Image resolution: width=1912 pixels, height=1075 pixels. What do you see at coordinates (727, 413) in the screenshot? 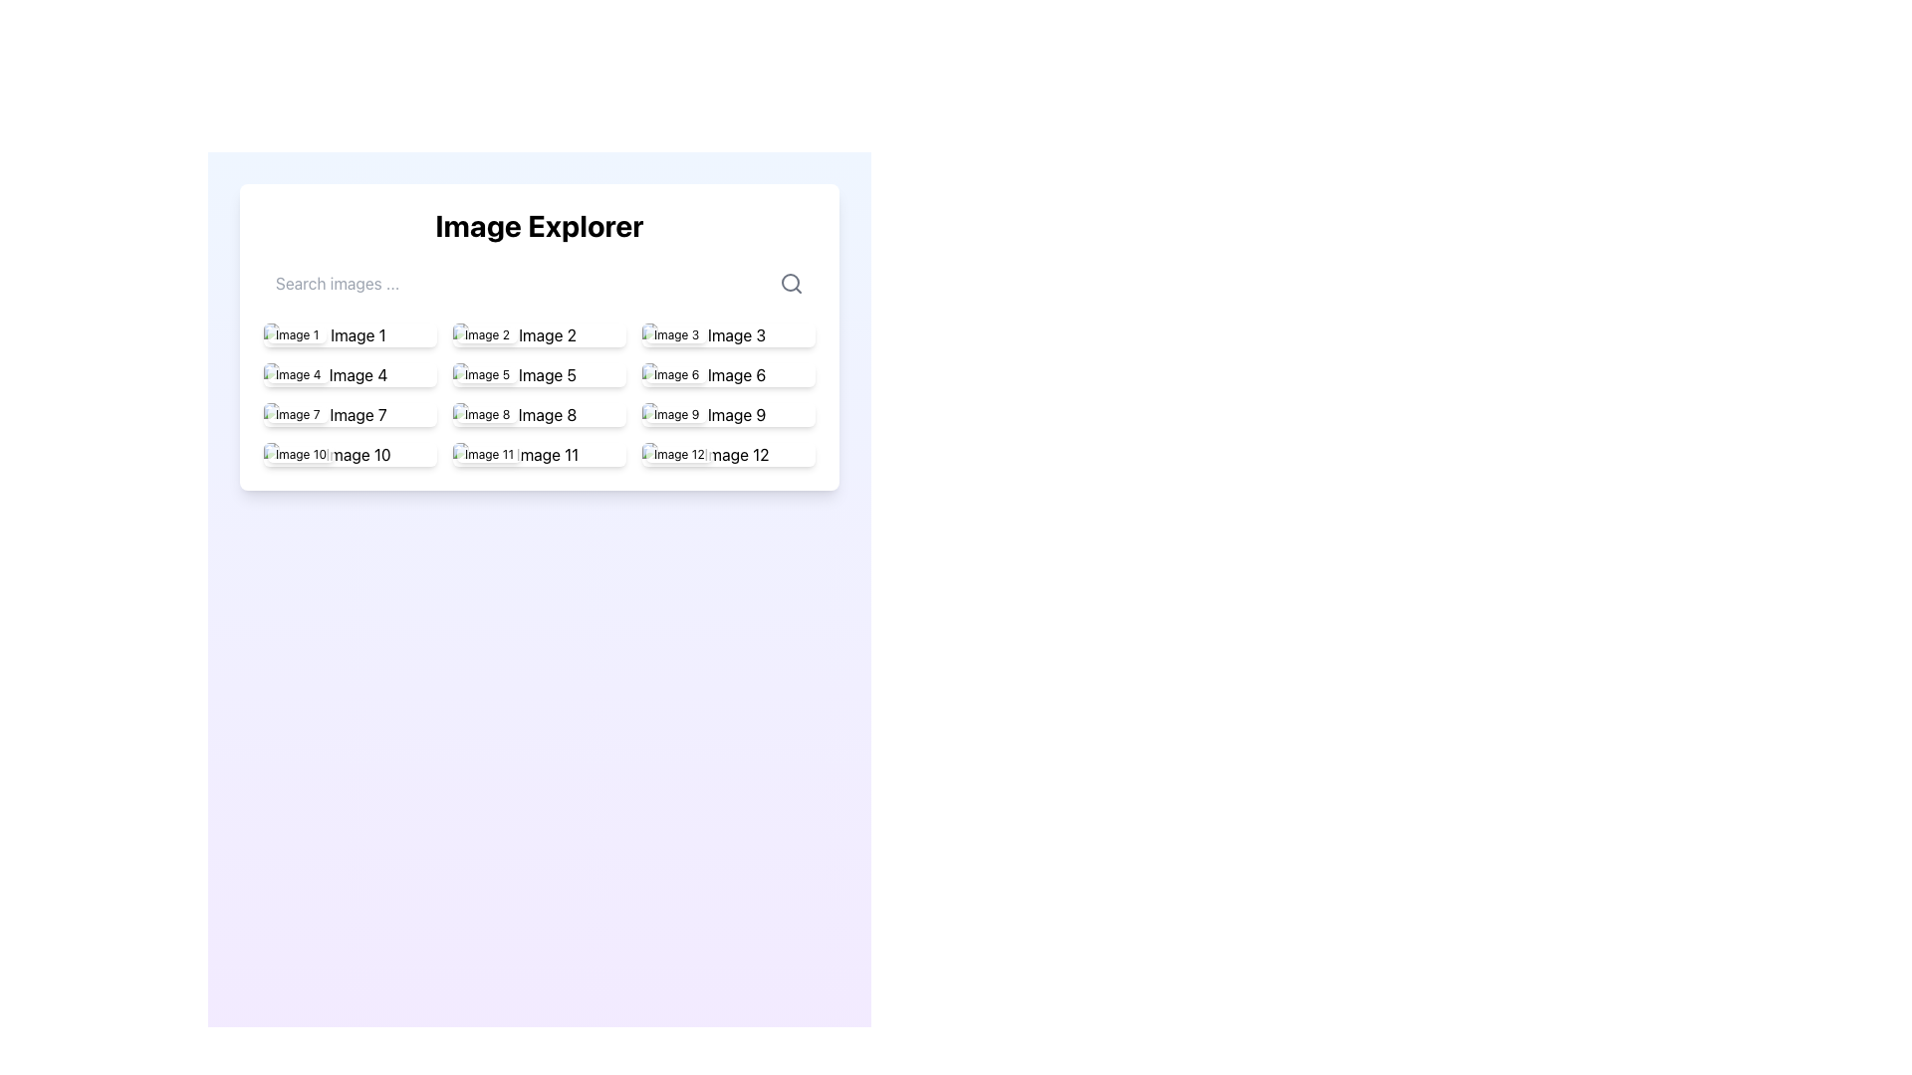
I see `the ninth image in the grid, which is labeled and located in the third row, third column` at bounding box center [727, 413].